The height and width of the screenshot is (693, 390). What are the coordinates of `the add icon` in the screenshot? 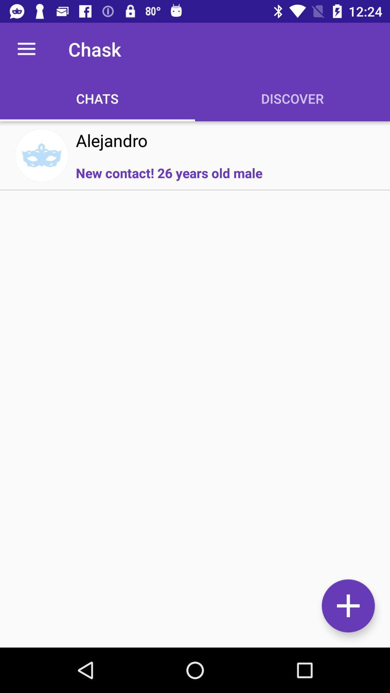 It's located at (348, 606).